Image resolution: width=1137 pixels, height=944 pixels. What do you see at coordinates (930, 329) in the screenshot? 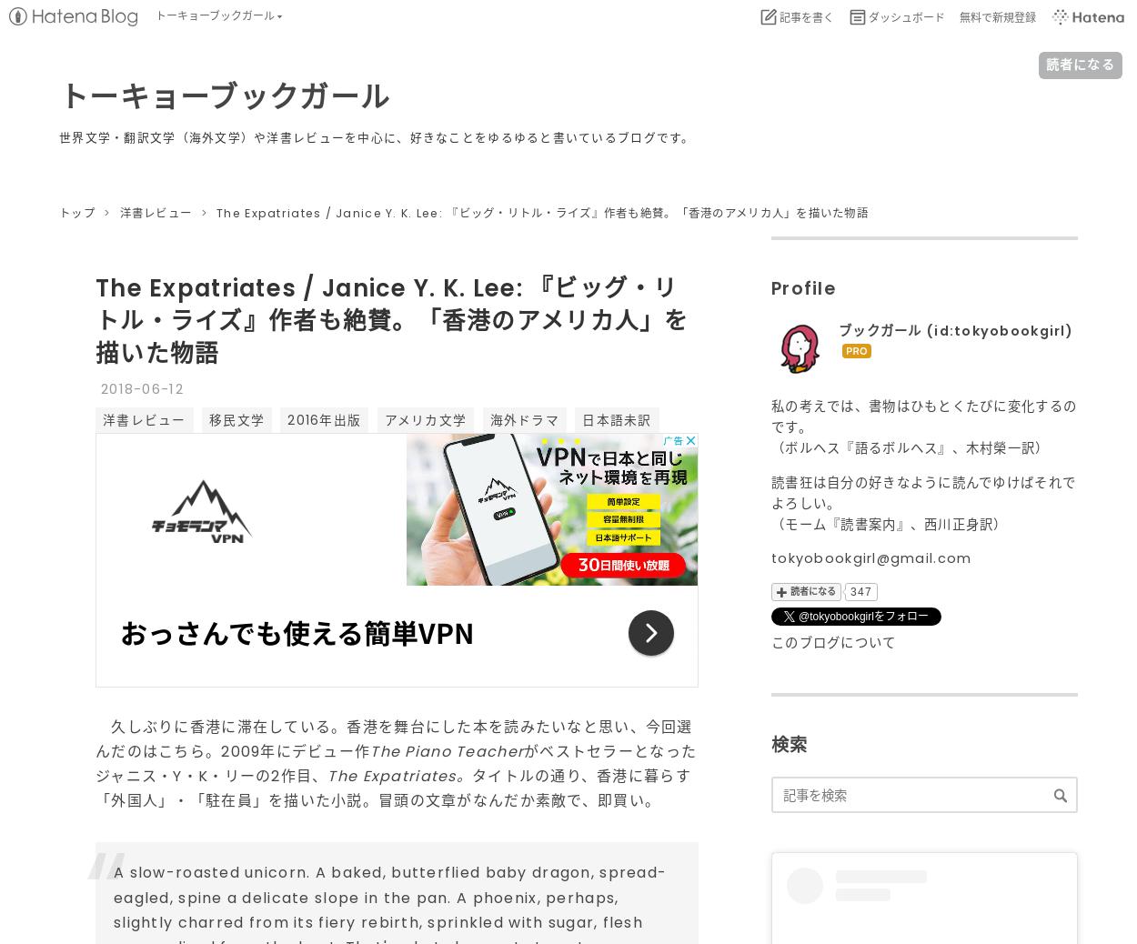
I see `'('` at bounding box center [930, 329].